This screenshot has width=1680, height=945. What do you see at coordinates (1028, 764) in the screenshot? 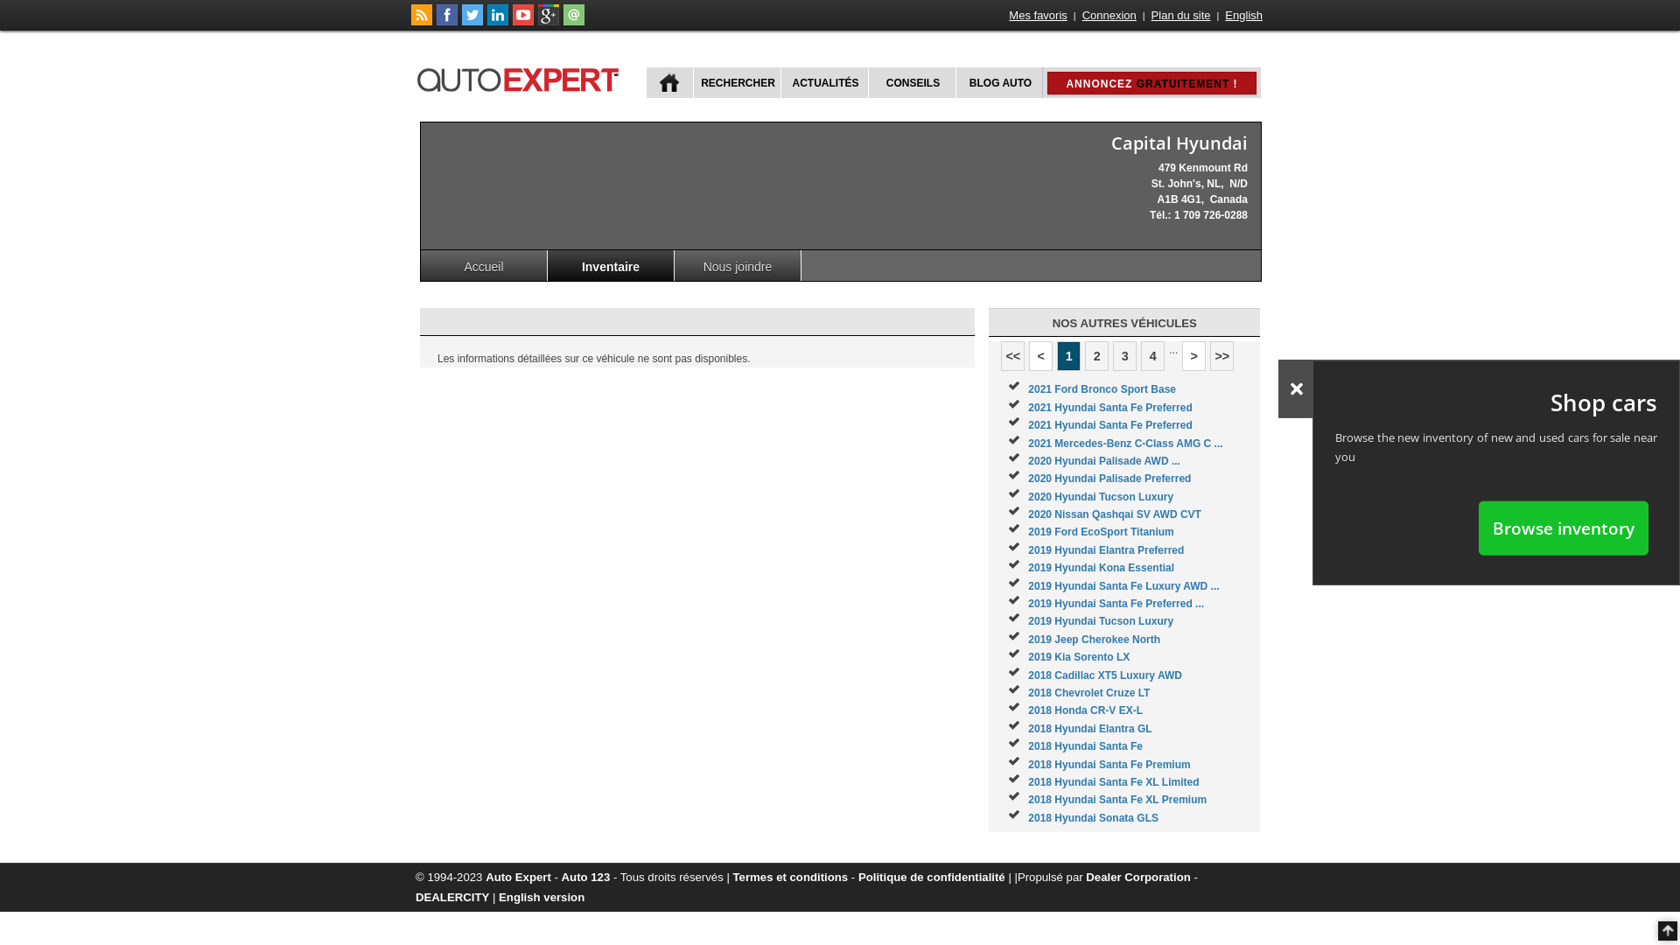
I see `'2018 Hyundai Santa Fe Premium'` at bounding box center [1028, 764].